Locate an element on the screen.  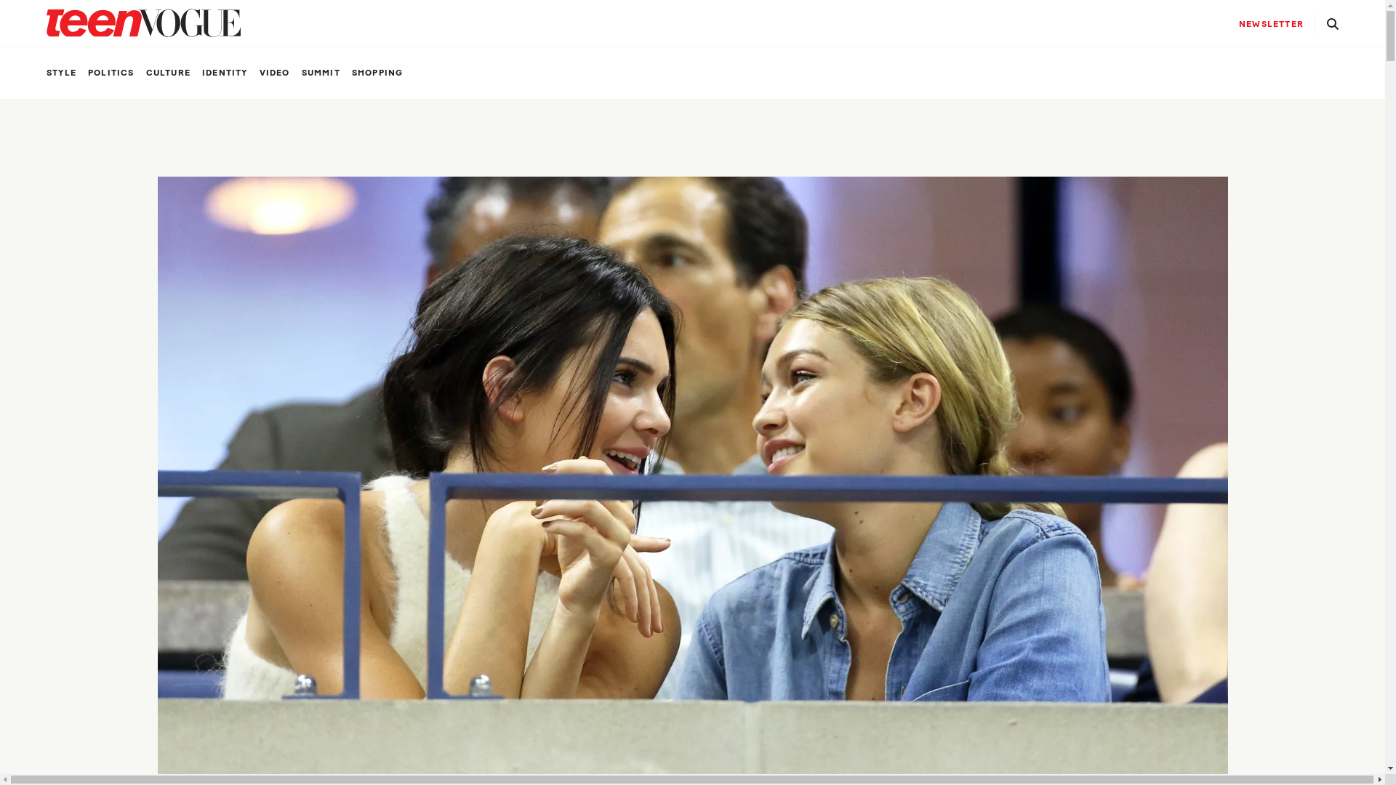
'SEARCH' is located at coordinates (1321, 23).